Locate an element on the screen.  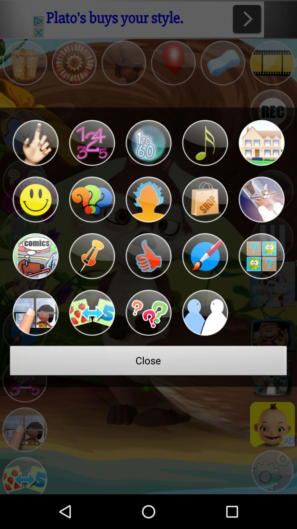
the avatar icon is located at coordinates (148, 213).